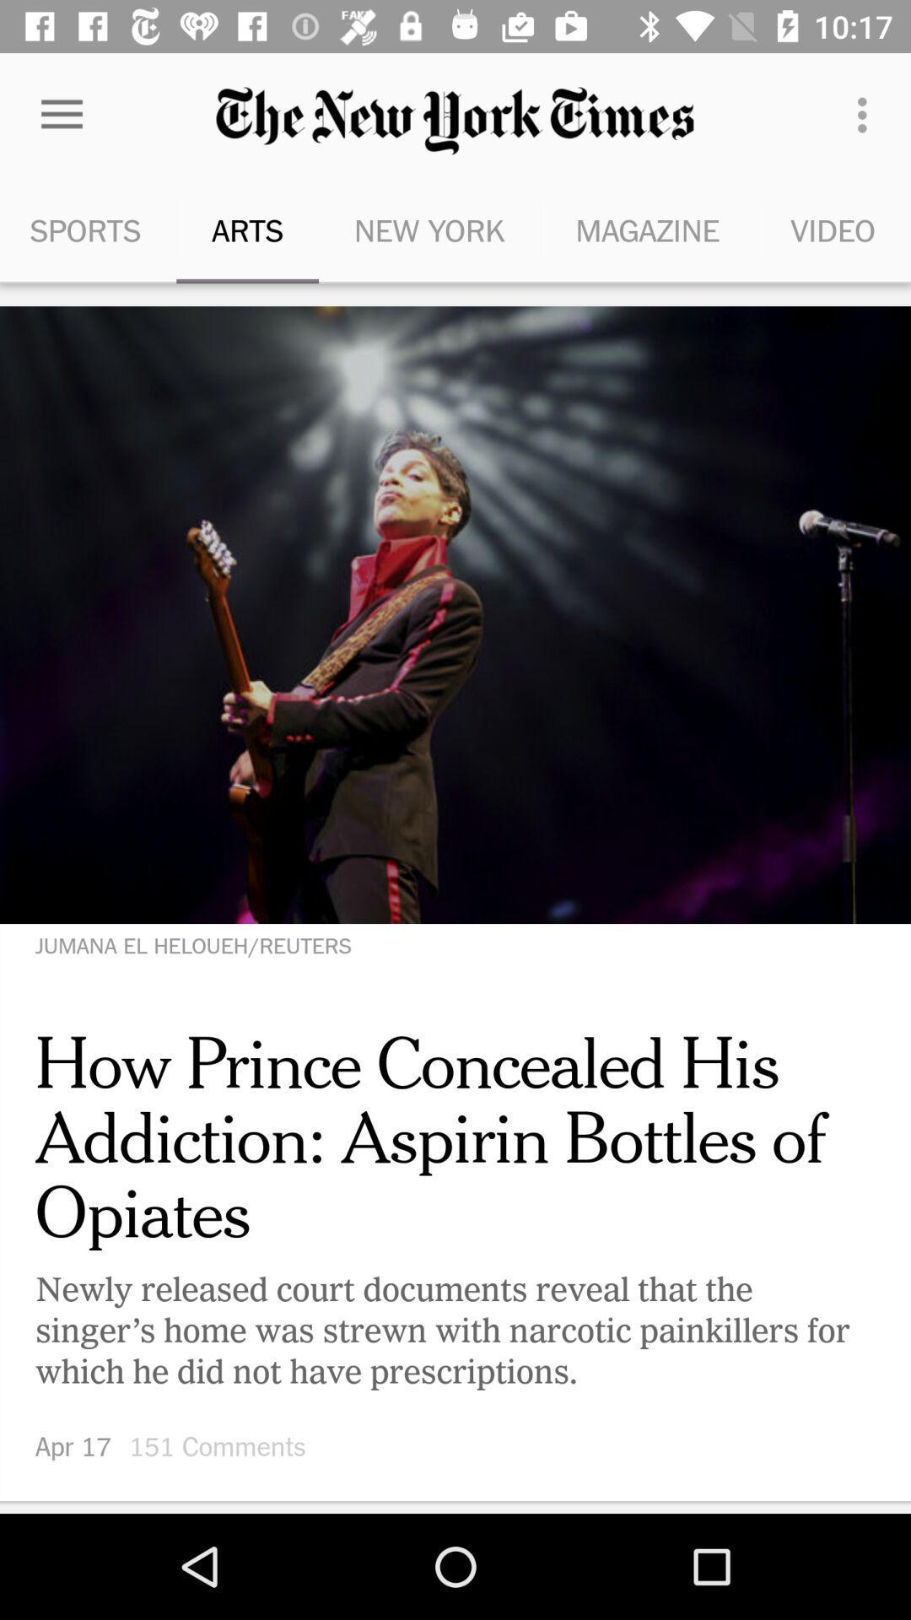  What do you see at coordinates (646, 229) in the screenshot?
I see `the item next to video` at bounding box center [646, 229].